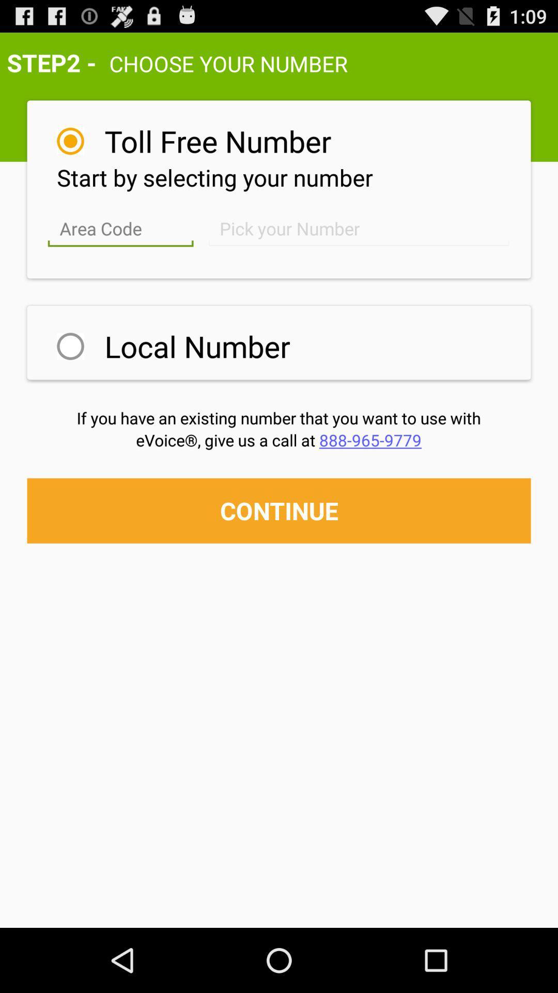  What do you see at coordinates (279, 510) in the screenshot?
I see `continue` at bounding box center [279, 510].